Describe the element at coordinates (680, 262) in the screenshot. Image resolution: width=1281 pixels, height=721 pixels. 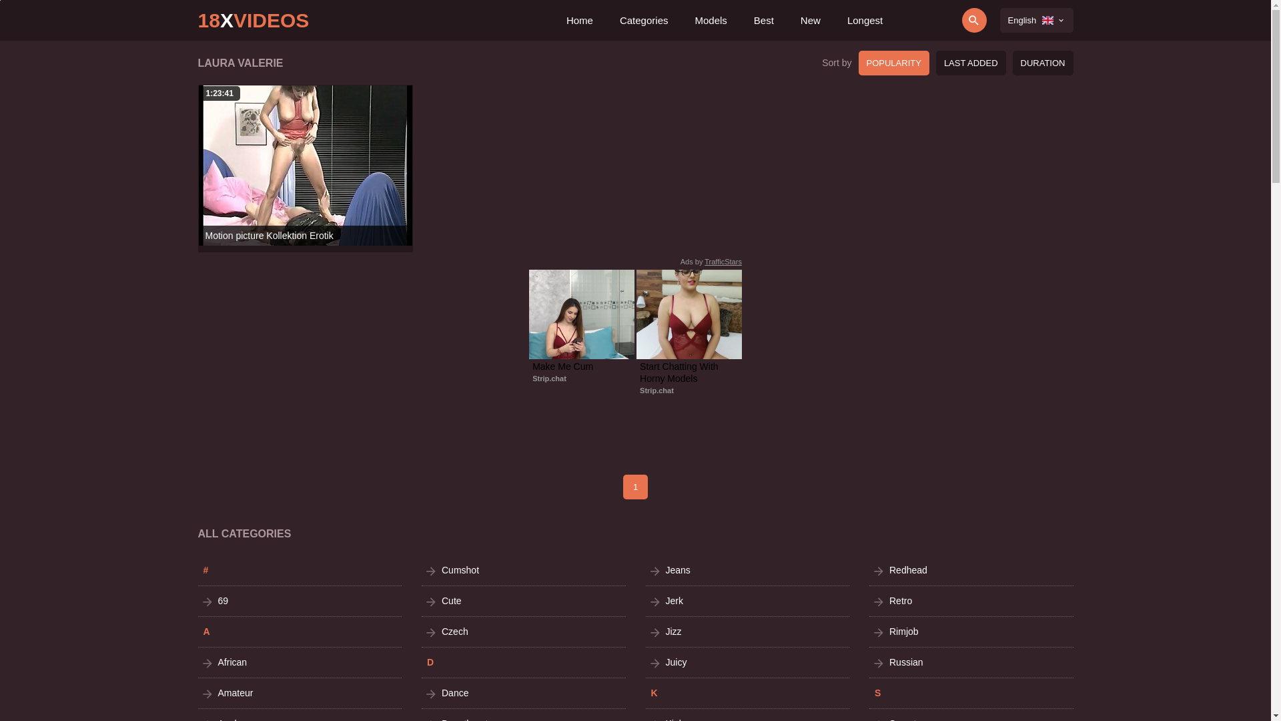
I see `'Ads by TrafficStars'` at that location.